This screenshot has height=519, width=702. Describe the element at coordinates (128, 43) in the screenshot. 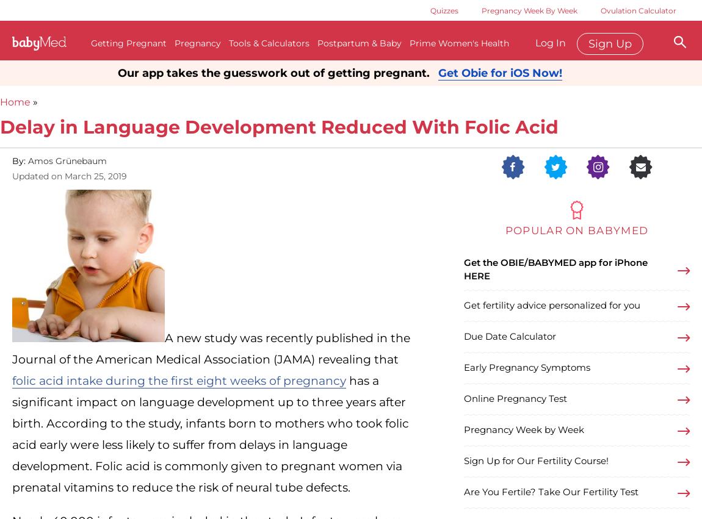

I see `'Getting Pregnant'` at that location.